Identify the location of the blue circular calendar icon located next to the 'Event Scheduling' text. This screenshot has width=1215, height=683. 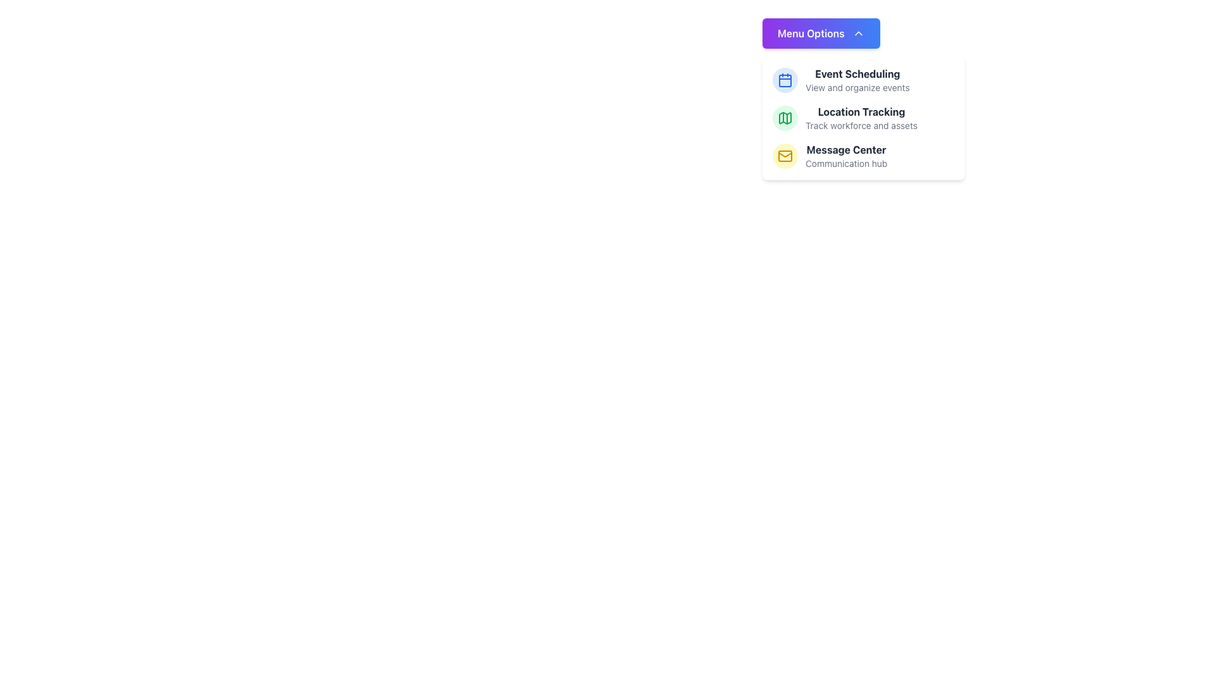
(785, 80).